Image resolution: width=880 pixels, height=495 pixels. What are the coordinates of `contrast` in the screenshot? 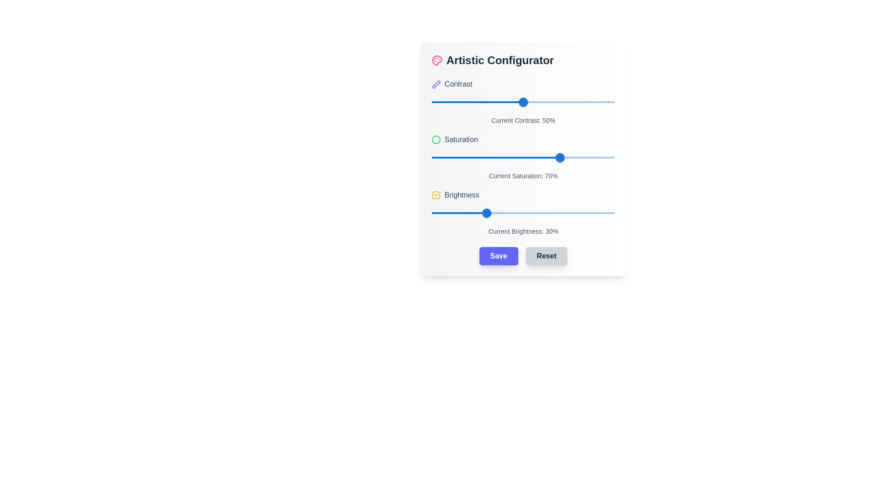 It's located at (470, 102).